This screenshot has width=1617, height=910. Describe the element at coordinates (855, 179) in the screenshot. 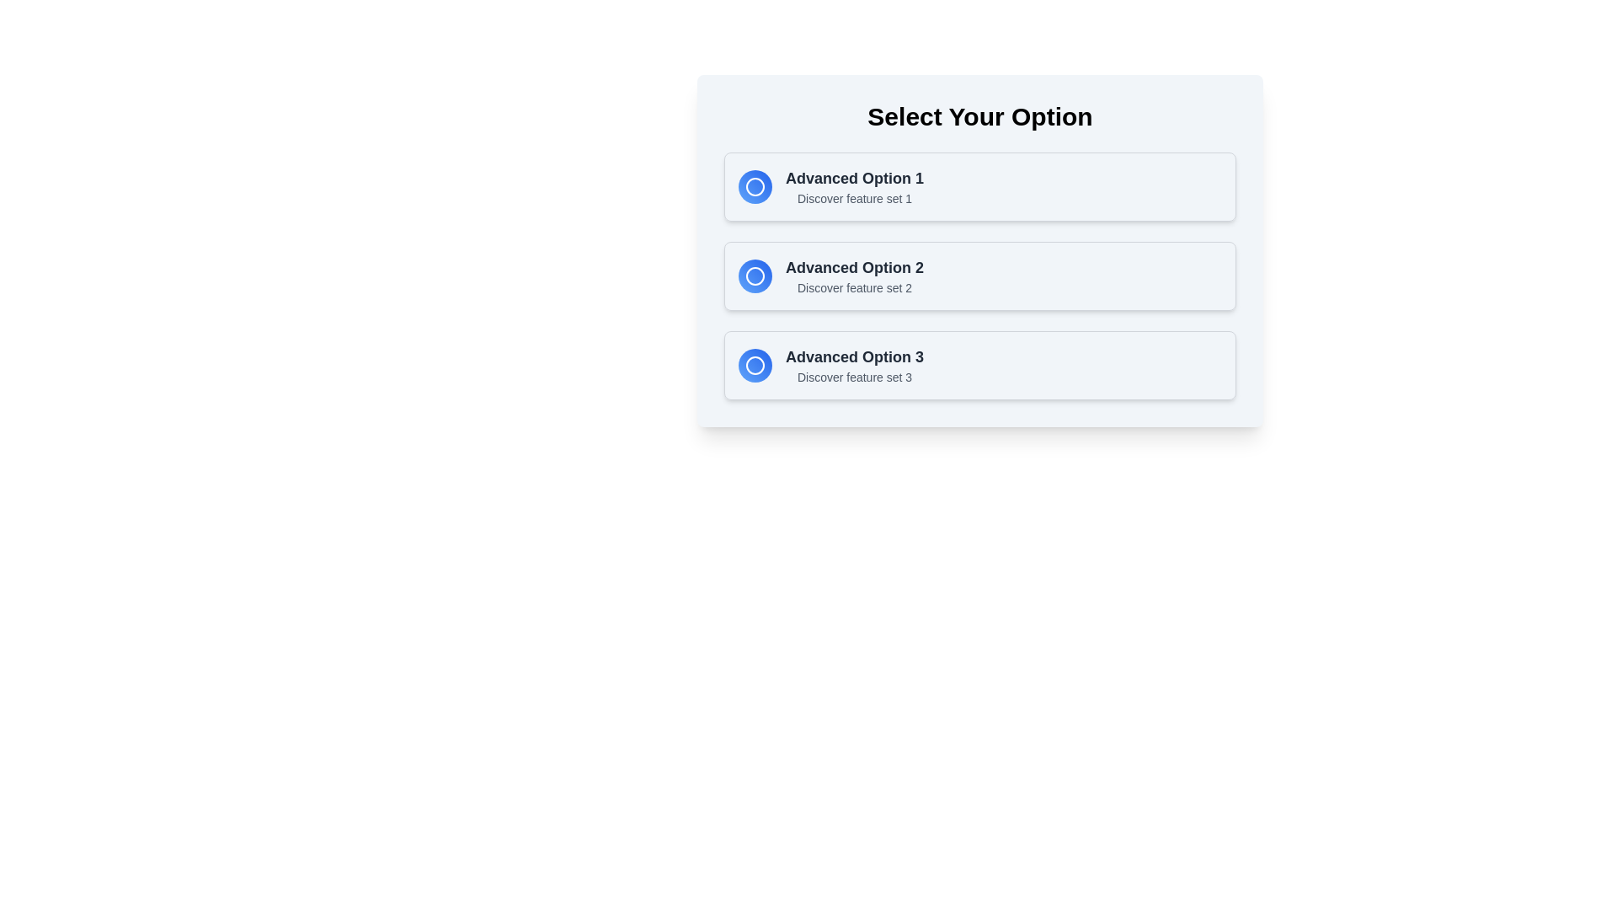

I see `the informational text label that identifies the first option in a vertically arranged list, located to the right of a circular button` at that location.